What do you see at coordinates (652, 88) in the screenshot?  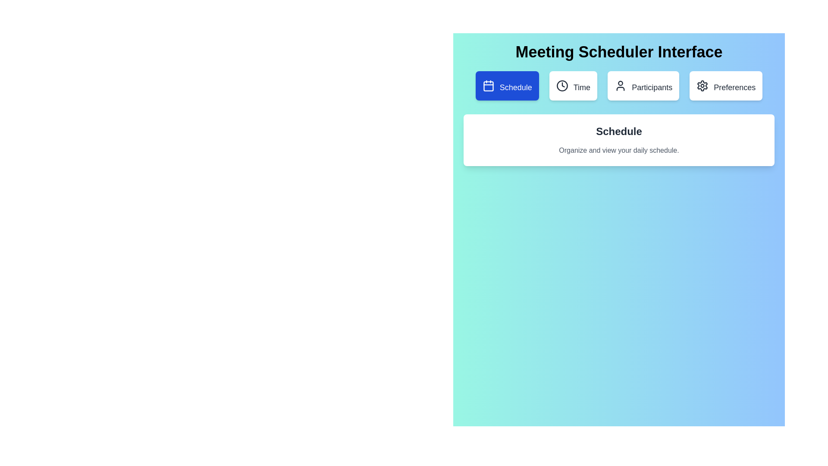 I see `the button labeled 'Participants' that serves as a visual label for managing or viewing participants, located centrally aligned in the second button from the left on the row` at bounding box center [652, 88].